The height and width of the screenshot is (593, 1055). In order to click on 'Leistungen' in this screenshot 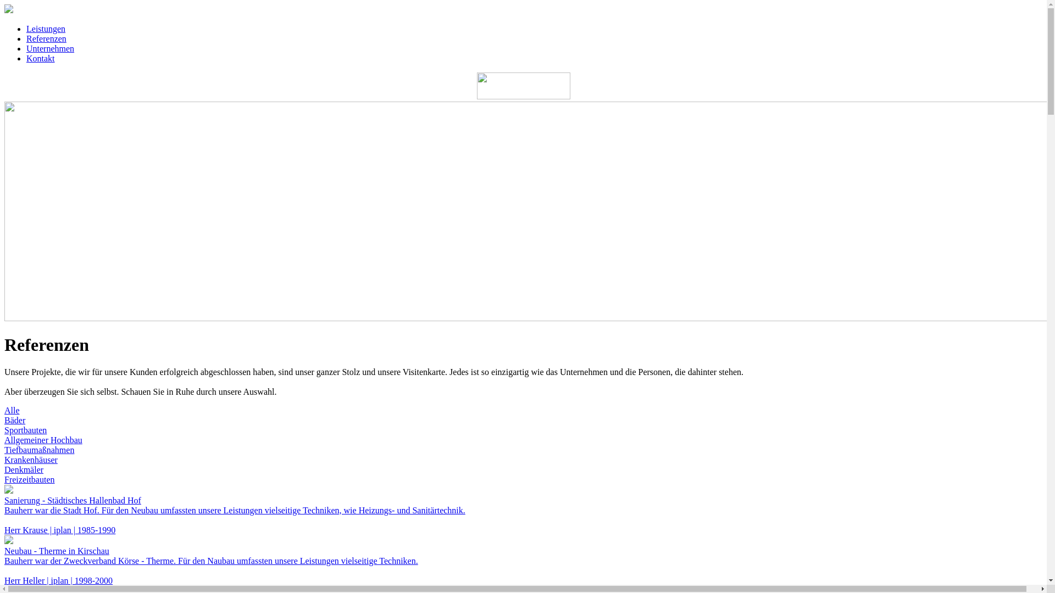, I will do `click(26, 28)`.